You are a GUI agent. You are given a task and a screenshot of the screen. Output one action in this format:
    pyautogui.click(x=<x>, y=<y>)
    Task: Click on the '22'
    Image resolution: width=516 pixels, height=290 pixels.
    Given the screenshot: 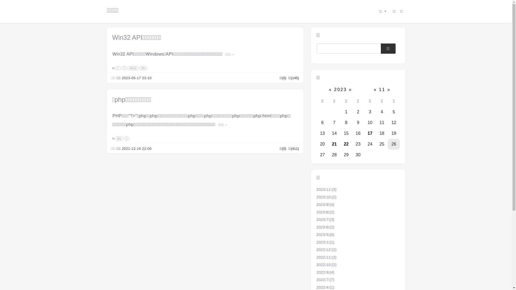 What is the action you would take?
    pyautogui.click(x=346, y=144)
    